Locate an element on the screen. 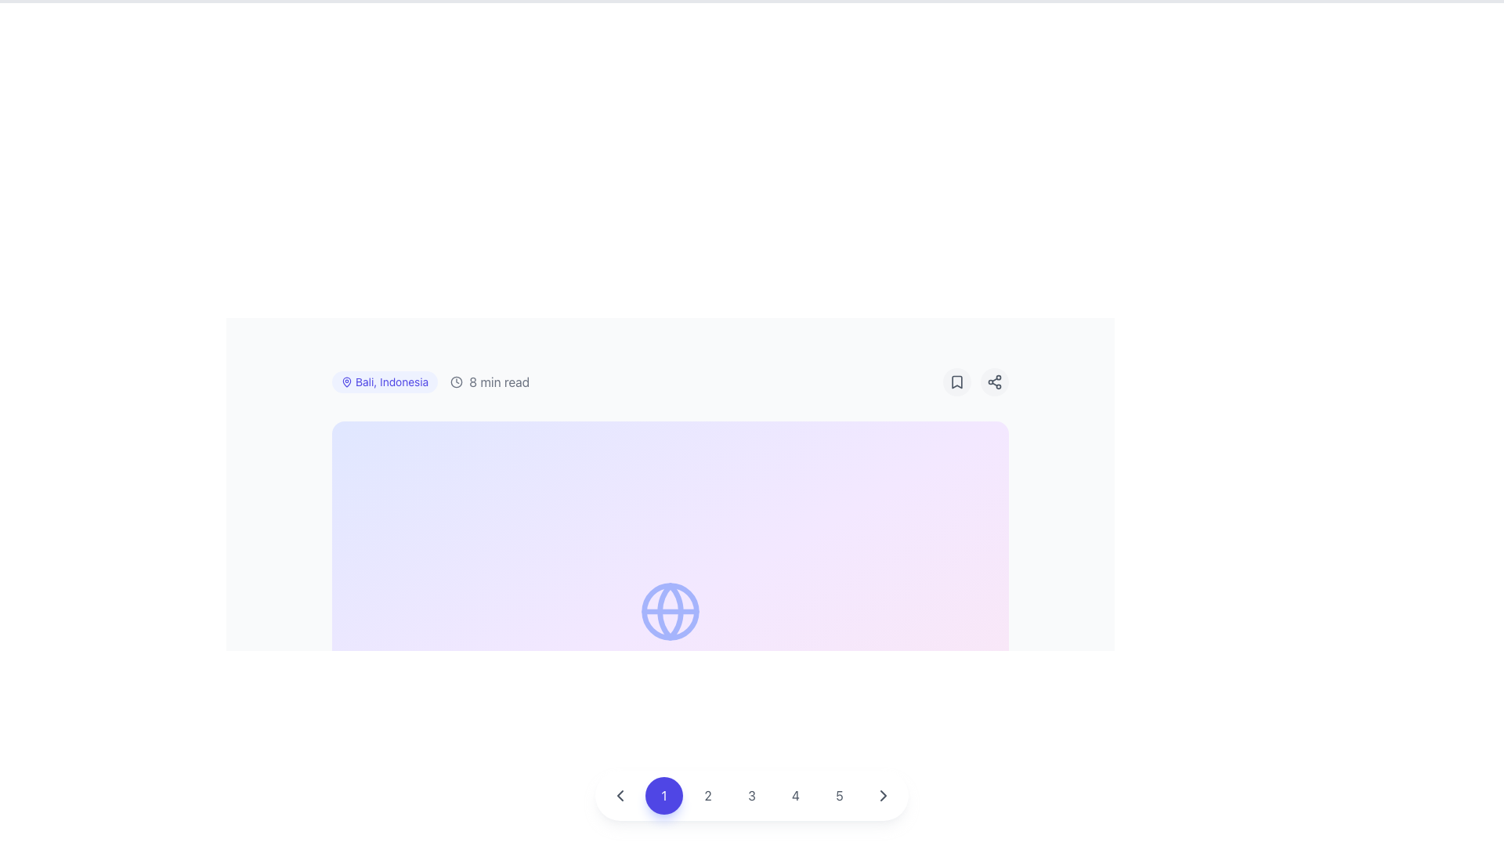 This screenshot has height=846, width=1504. the bookmark icon button, which is outlined and located in the top-right corner of the content frame is located at coordinates (956, 382).